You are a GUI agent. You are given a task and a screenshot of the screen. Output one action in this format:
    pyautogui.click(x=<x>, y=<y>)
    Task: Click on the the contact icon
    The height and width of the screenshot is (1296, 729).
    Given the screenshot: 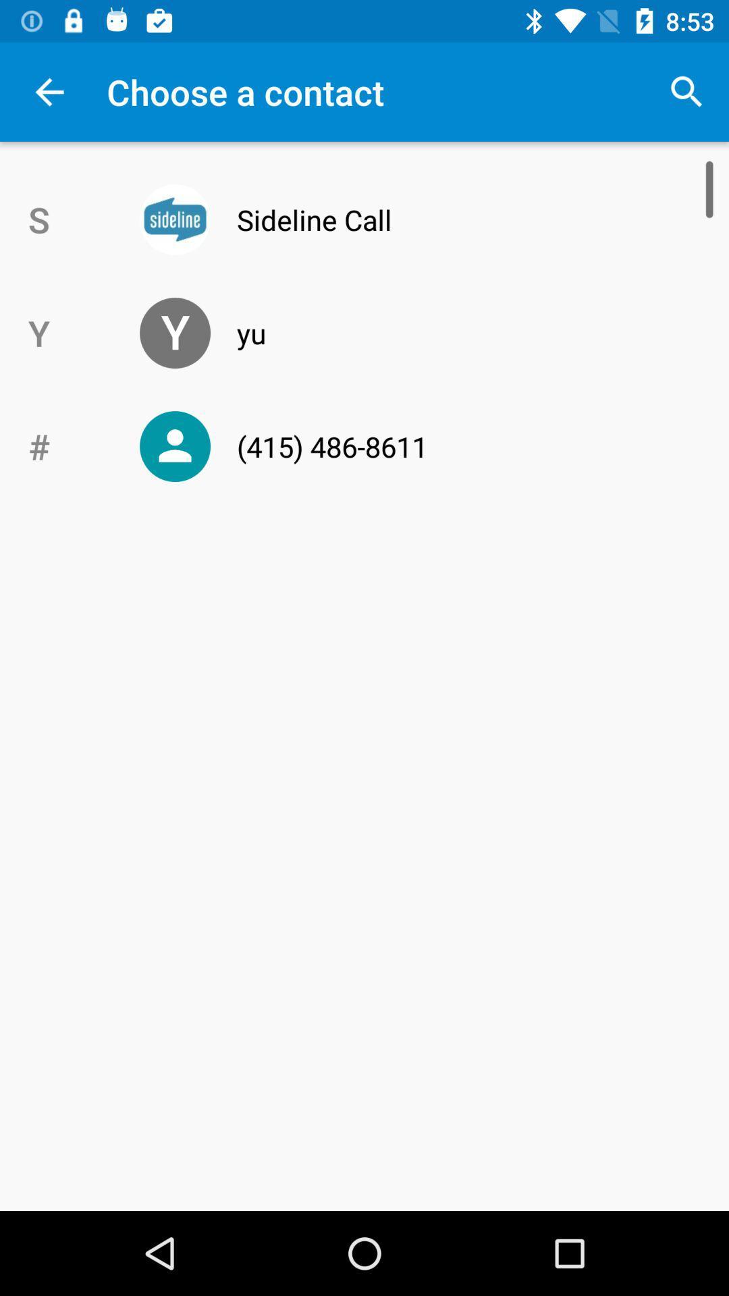 What is the action you would take?
    pyautogui.click(x=174, y=446)
    